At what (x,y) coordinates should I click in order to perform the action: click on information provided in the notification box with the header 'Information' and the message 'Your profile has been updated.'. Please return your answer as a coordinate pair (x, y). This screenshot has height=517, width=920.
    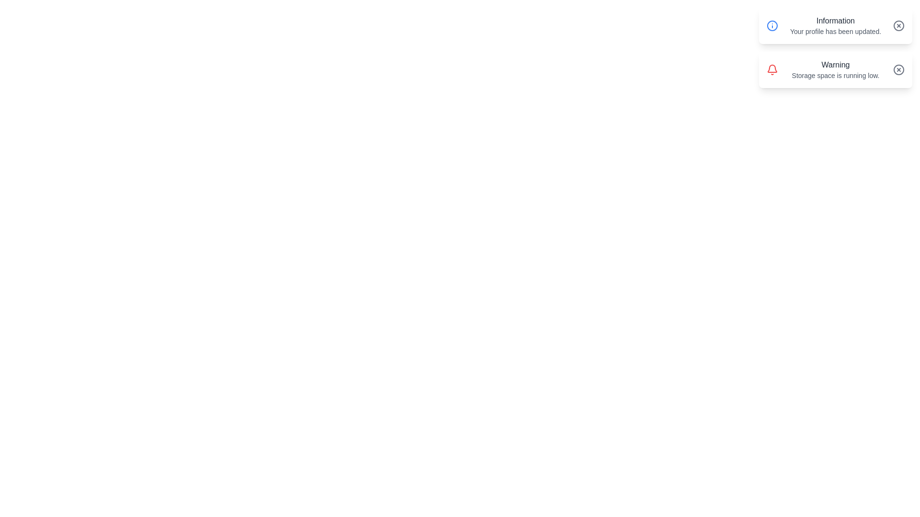
    Looking at the image, I should click on (835, 25).